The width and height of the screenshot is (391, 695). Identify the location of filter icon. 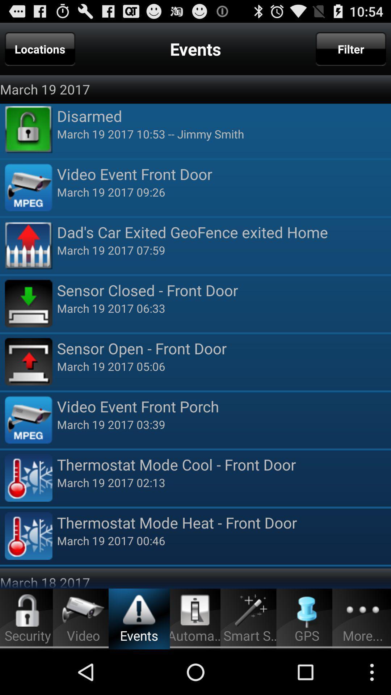
(350, 49).